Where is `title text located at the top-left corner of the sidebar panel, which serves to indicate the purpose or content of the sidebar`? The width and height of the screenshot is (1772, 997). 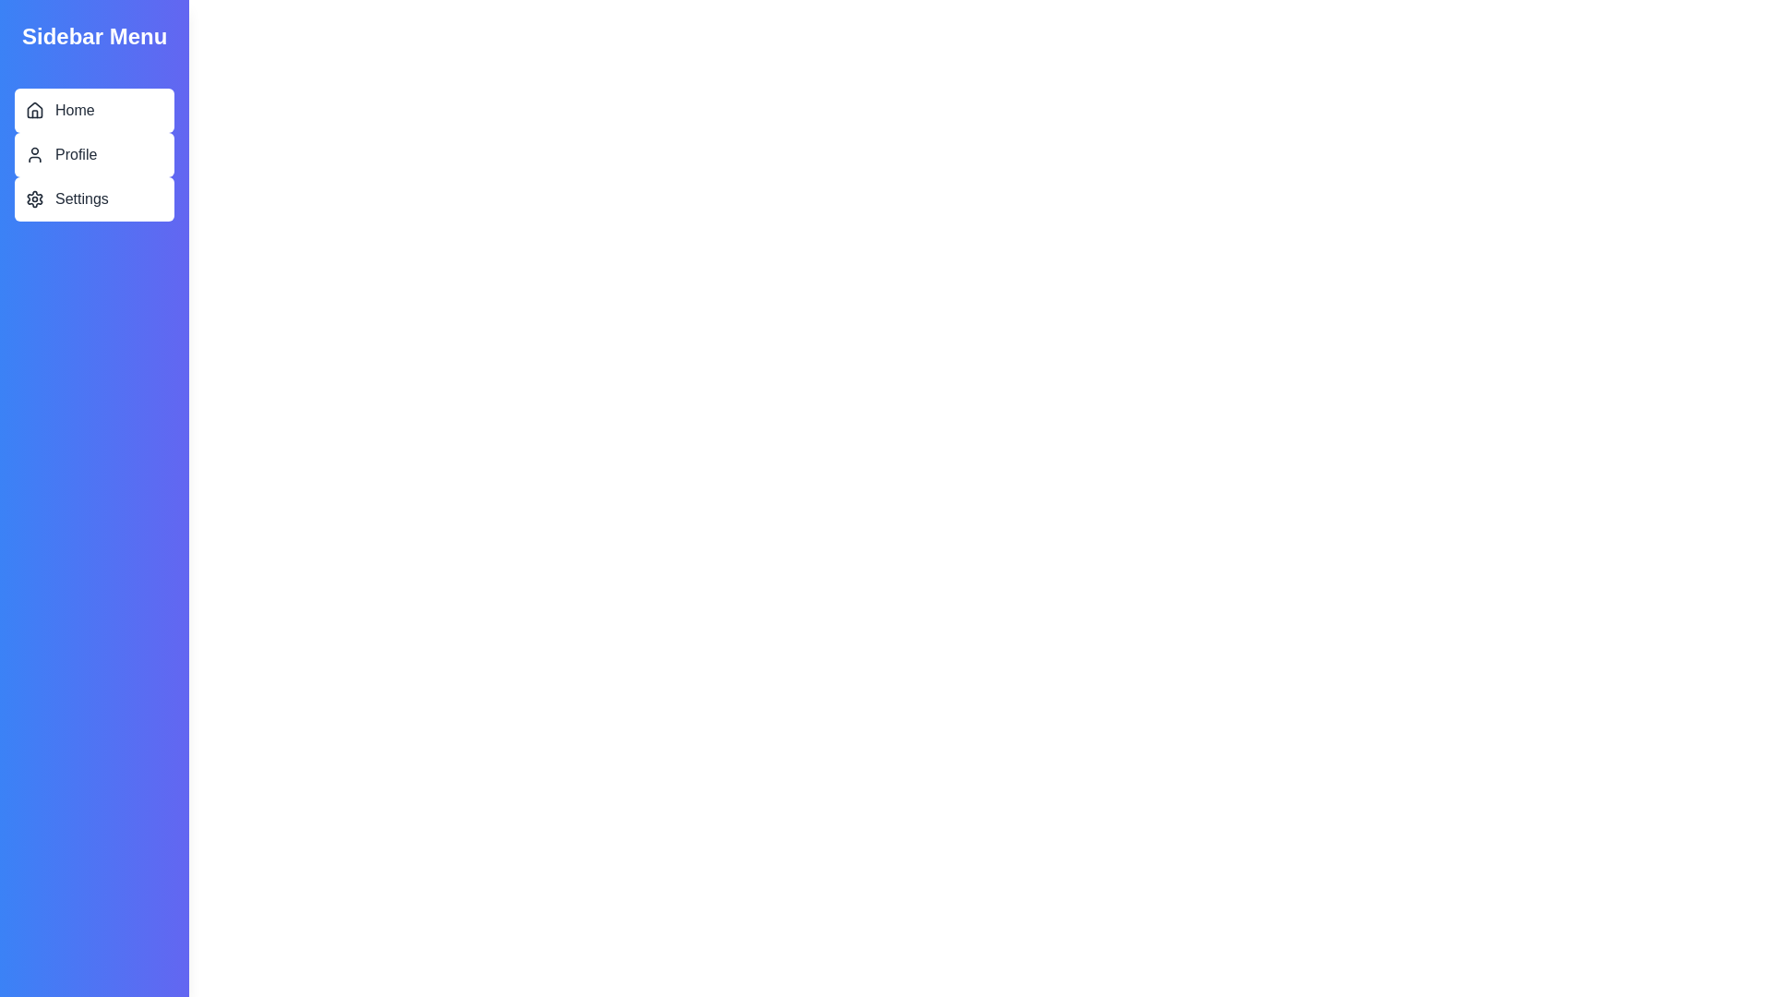
title text located at the top-left corner of the sidebar panel, which serves to indicate the purpose or content of the sidebar is located at coordinates (93, 36).